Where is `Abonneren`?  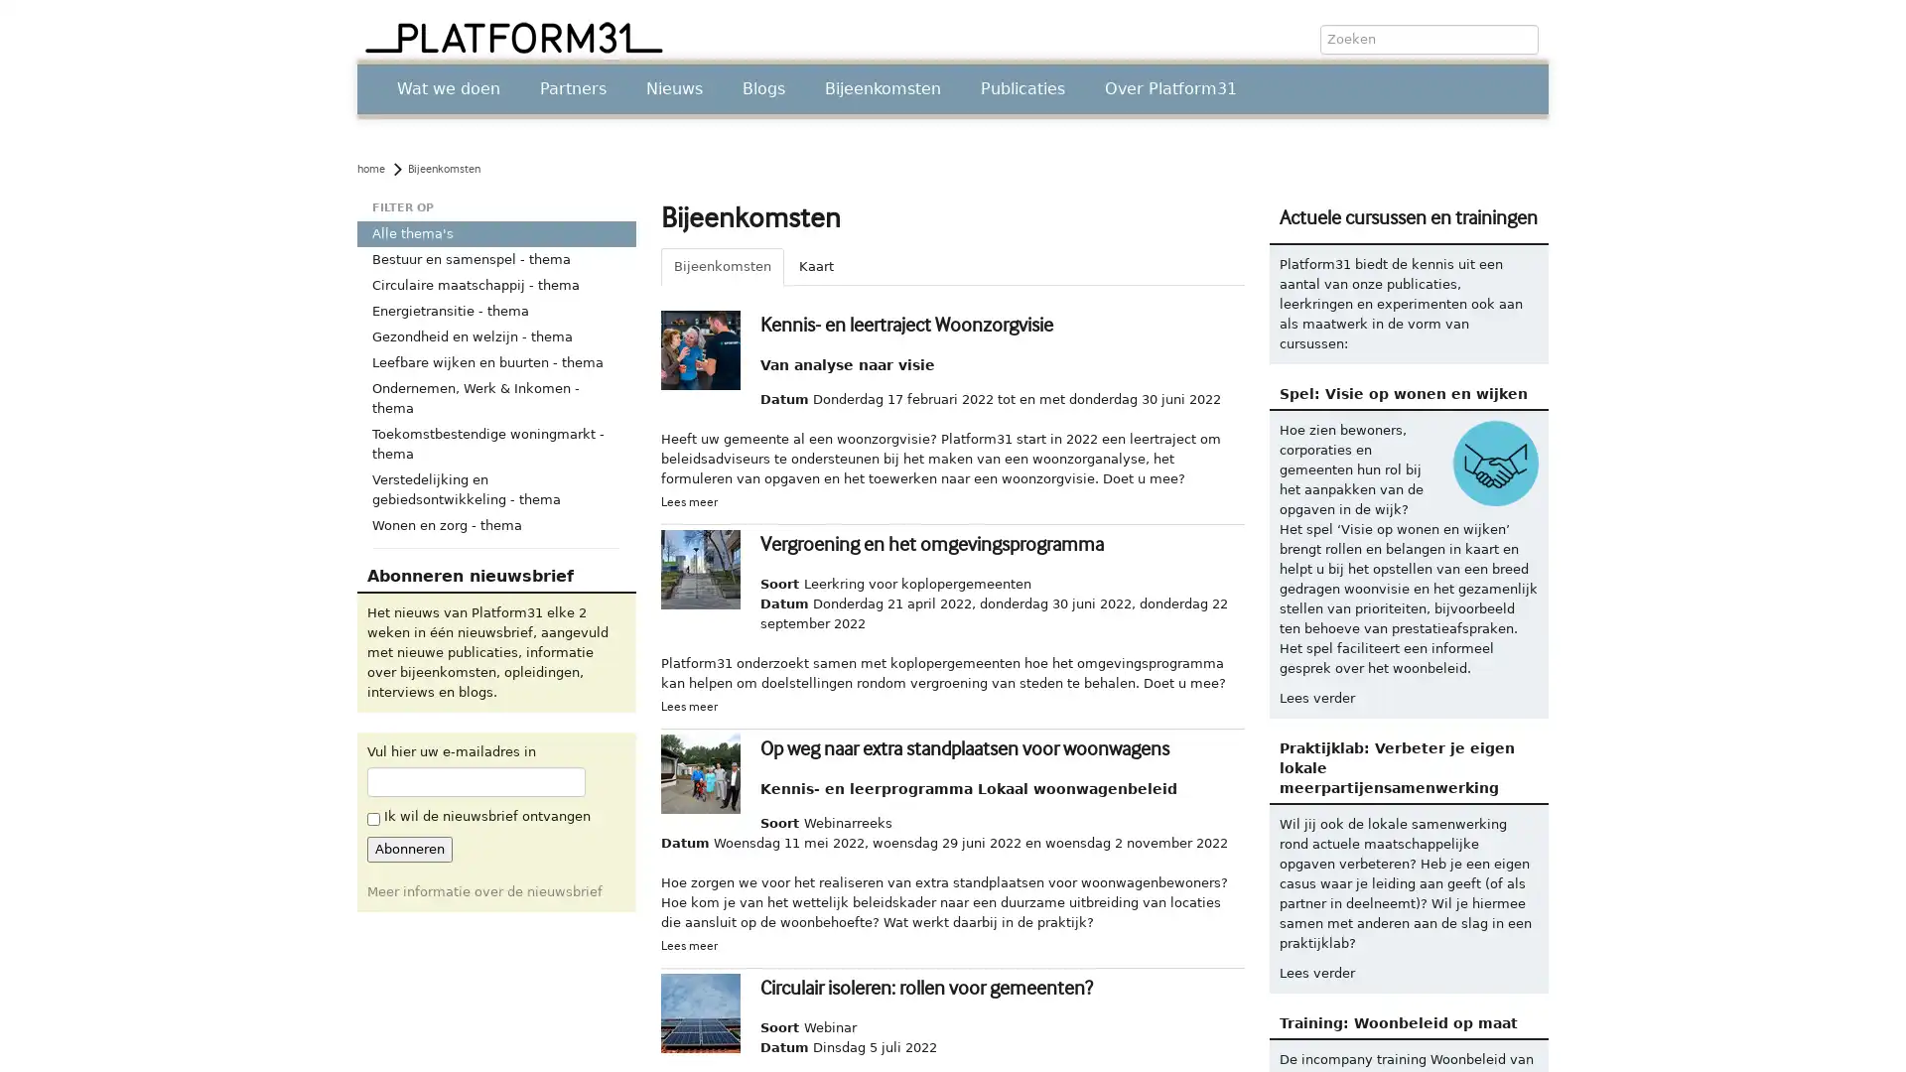 Abonneren is located at coordinates (408, 481).